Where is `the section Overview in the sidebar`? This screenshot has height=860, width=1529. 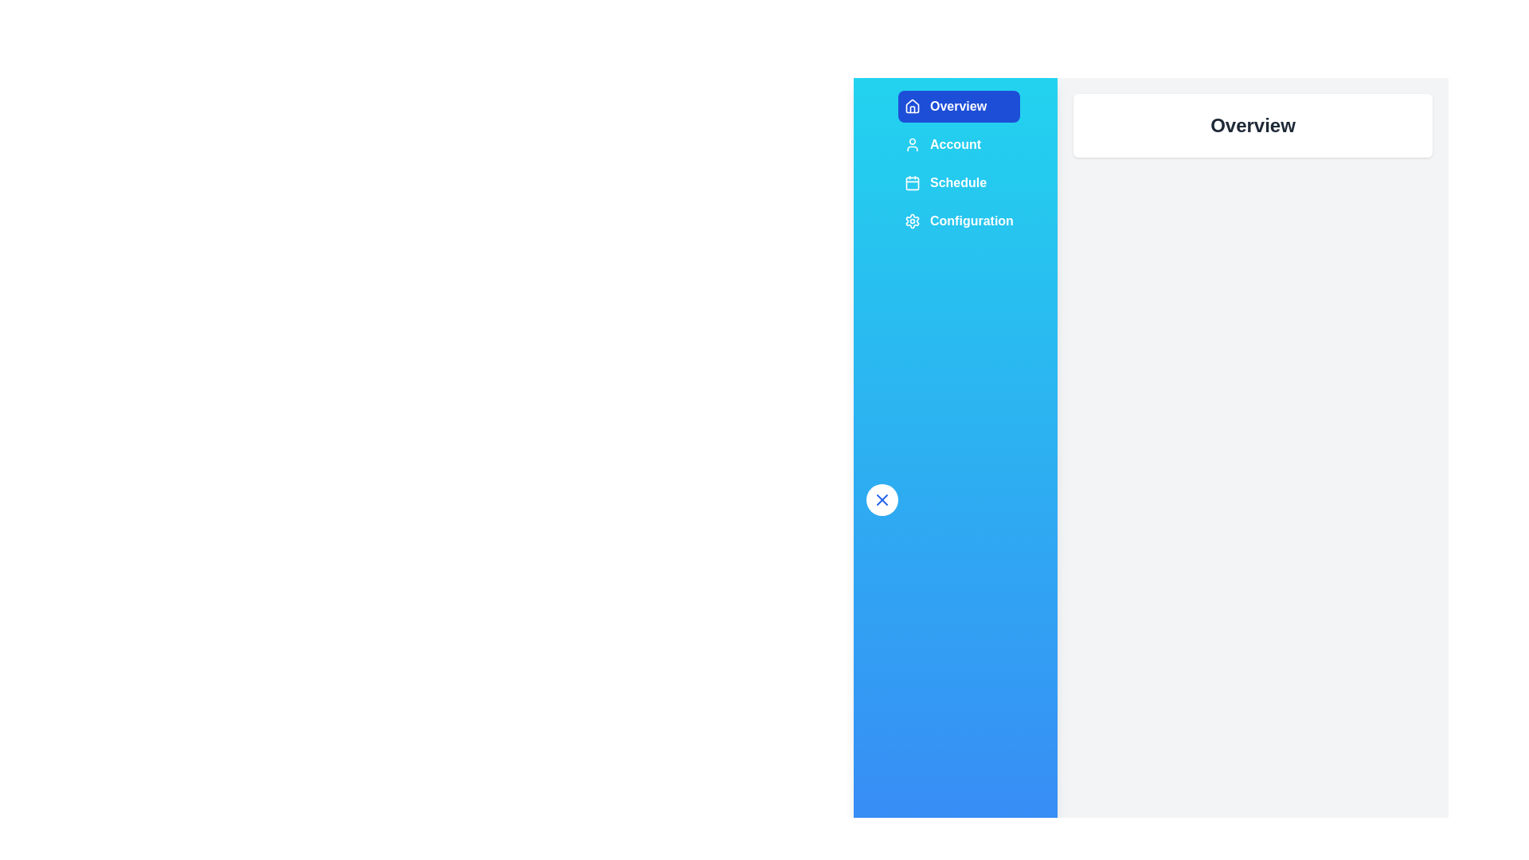 the section Overview in the sidebar is located at coordinates (958, 107).